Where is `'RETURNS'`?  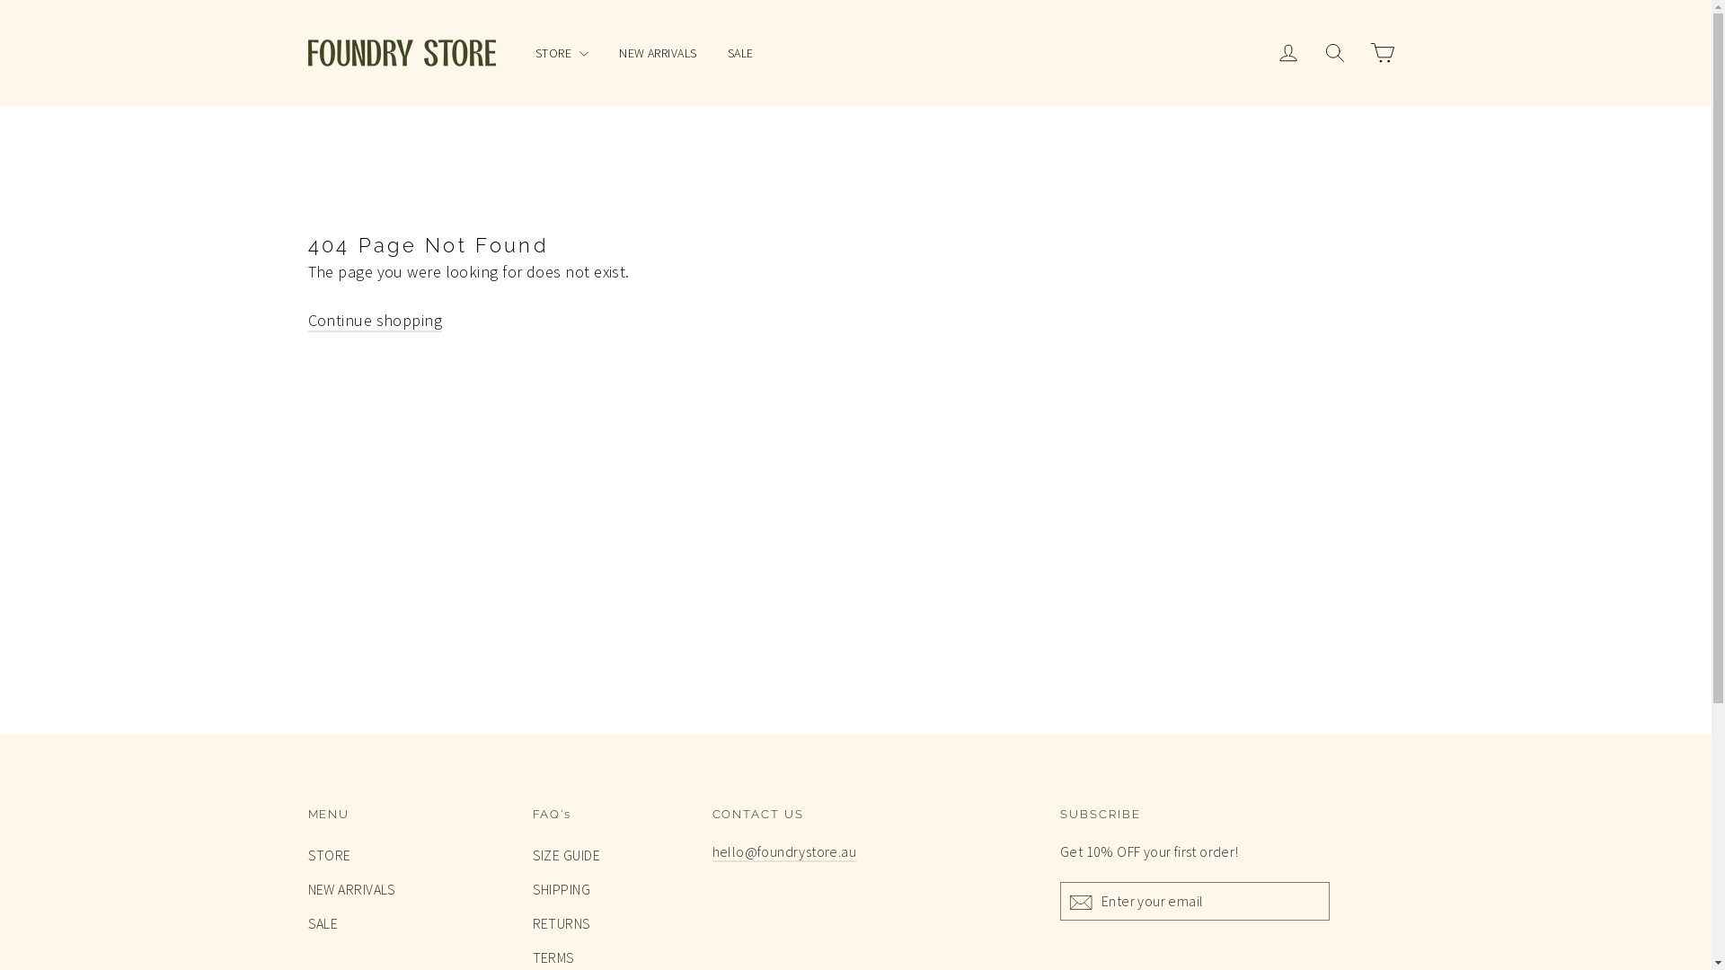 'RETURNS' is located at coordinates (607, 924).